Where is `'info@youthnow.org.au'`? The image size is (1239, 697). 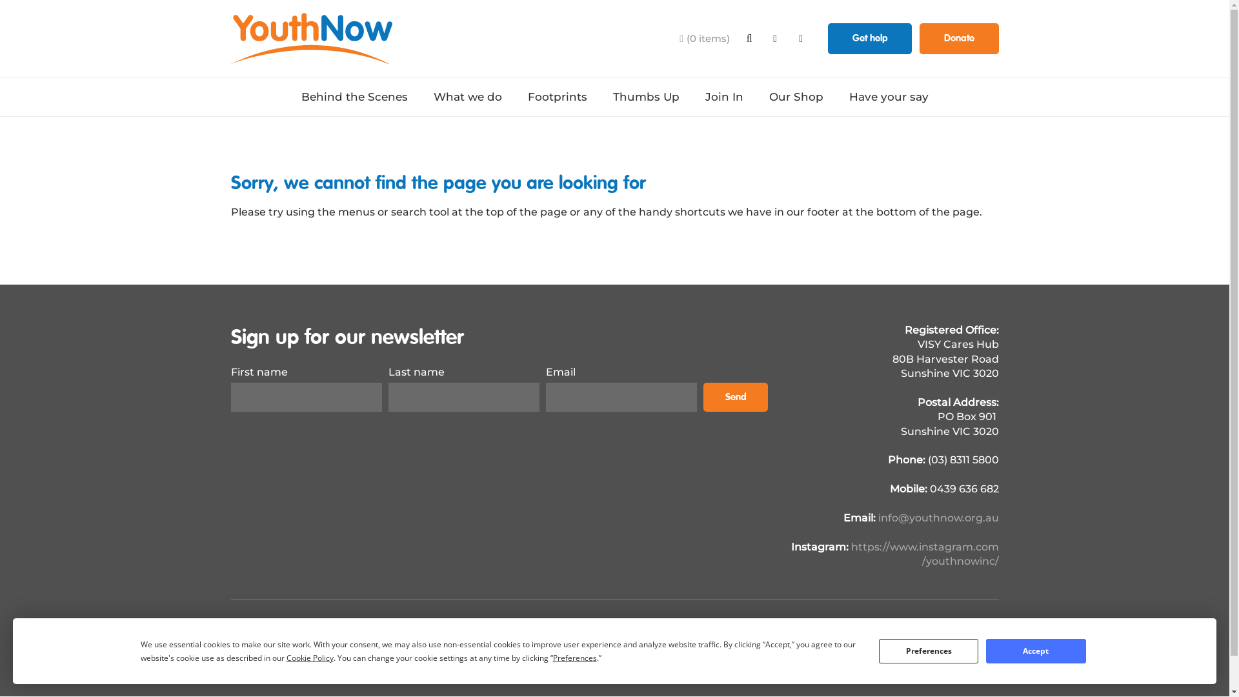 'info@youthnow.org.au' is located at coordinates (938, 517).